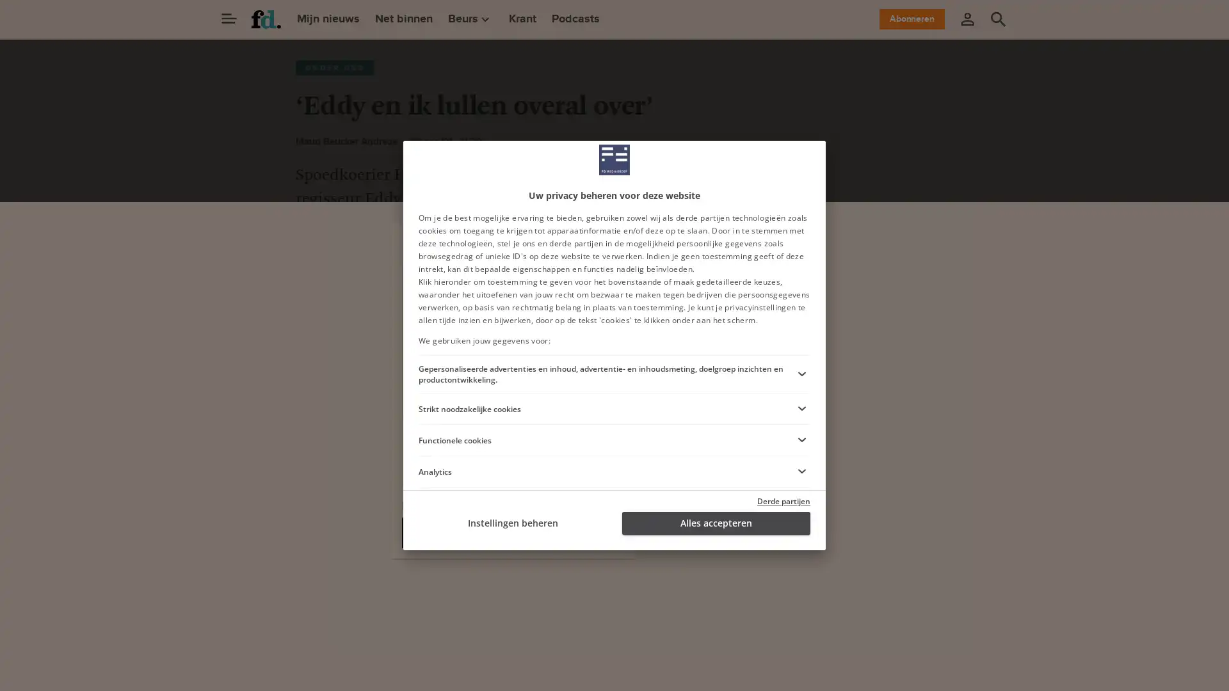 The height and width of the screenshot is (691, 1229). What do you see at coordinates (513, 387) in the screenshot?
I see `Ga verder` at bounding box center [513, 387].